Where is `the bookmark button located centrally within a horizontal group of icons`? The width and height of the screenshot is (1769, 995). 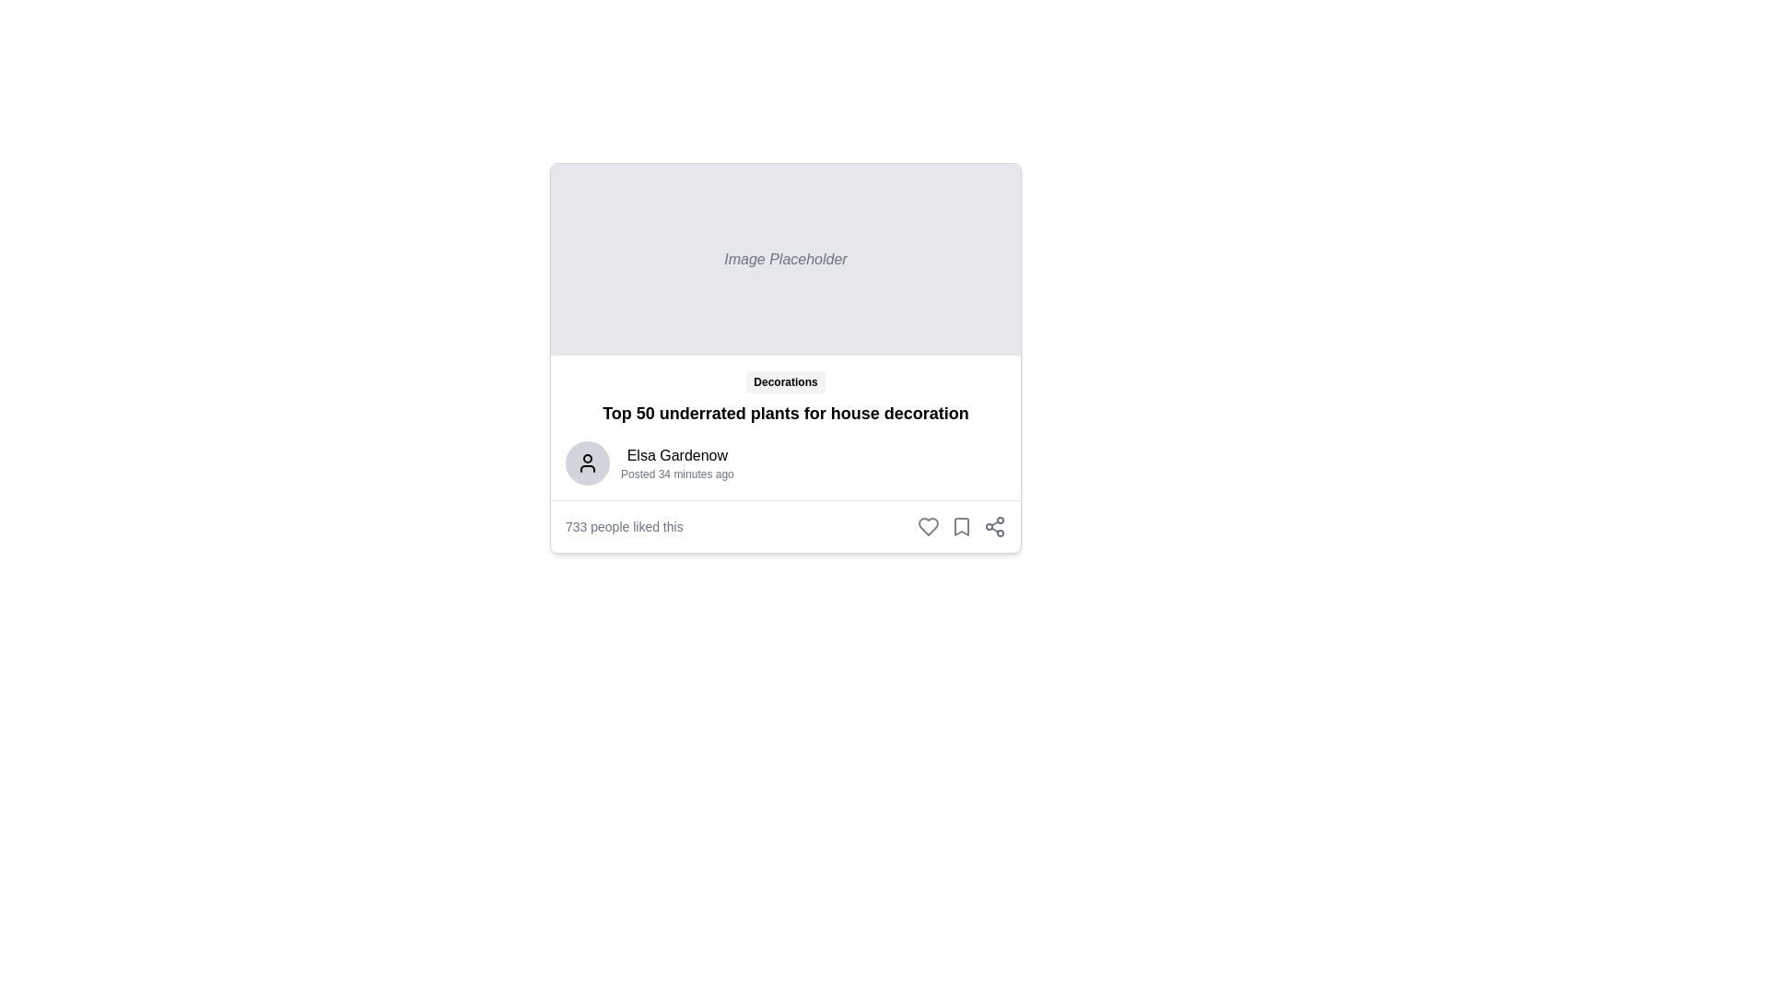 the bookmark button located centrally within a horizontal group of icons is located at coordinates (960, 526).